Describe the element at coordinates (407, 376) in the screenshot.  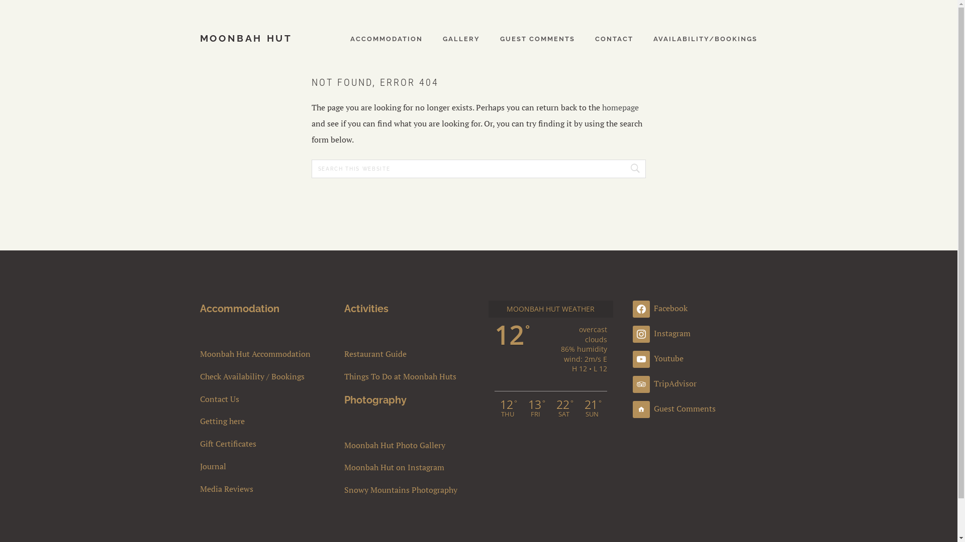
I see `'Things To Do at Moonbah Huts'` at that location.